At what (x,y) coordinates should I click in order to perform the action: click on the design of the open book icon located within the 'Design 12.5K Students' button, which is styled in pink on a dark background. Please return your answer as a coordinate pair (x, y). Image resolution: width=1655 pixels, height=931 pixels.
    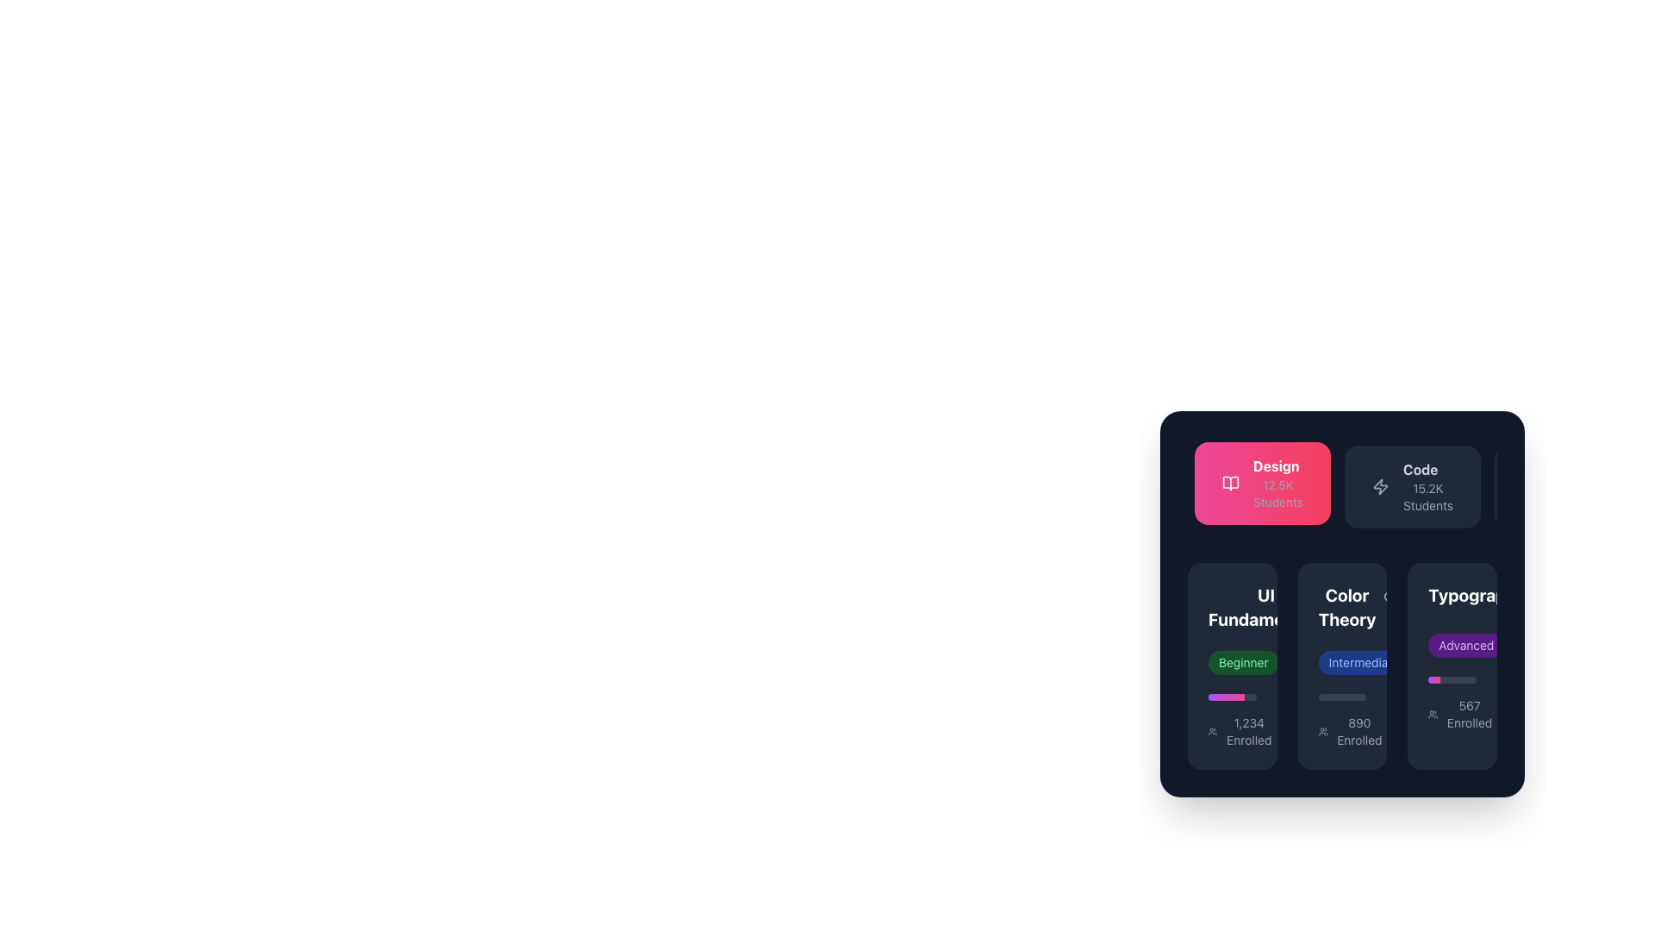
    Looking at the image, I should click on (1230, 483).